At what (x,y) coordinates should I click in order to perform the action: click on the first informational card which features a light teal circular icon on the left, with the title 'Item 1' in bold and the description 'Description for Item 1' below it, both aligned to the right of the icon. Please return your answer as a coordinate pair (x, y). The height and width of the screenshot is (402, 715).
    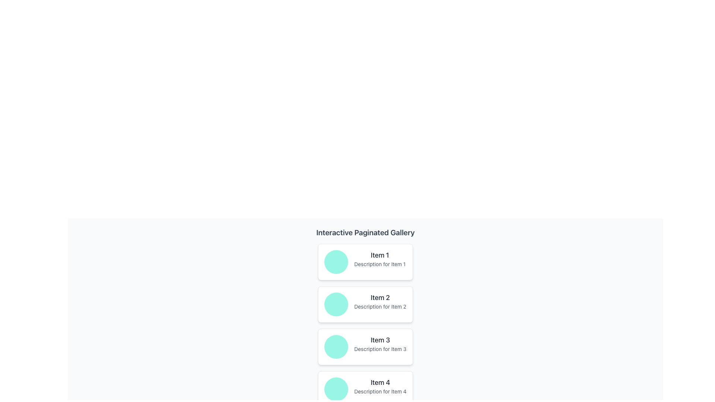
    Looking at the image, I should click on (365, 262).